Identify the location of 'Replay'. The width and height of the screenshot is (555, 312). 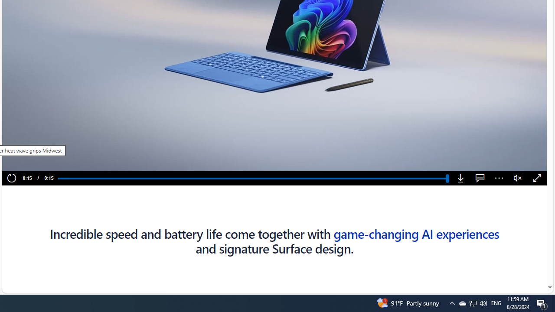
(11, 178).